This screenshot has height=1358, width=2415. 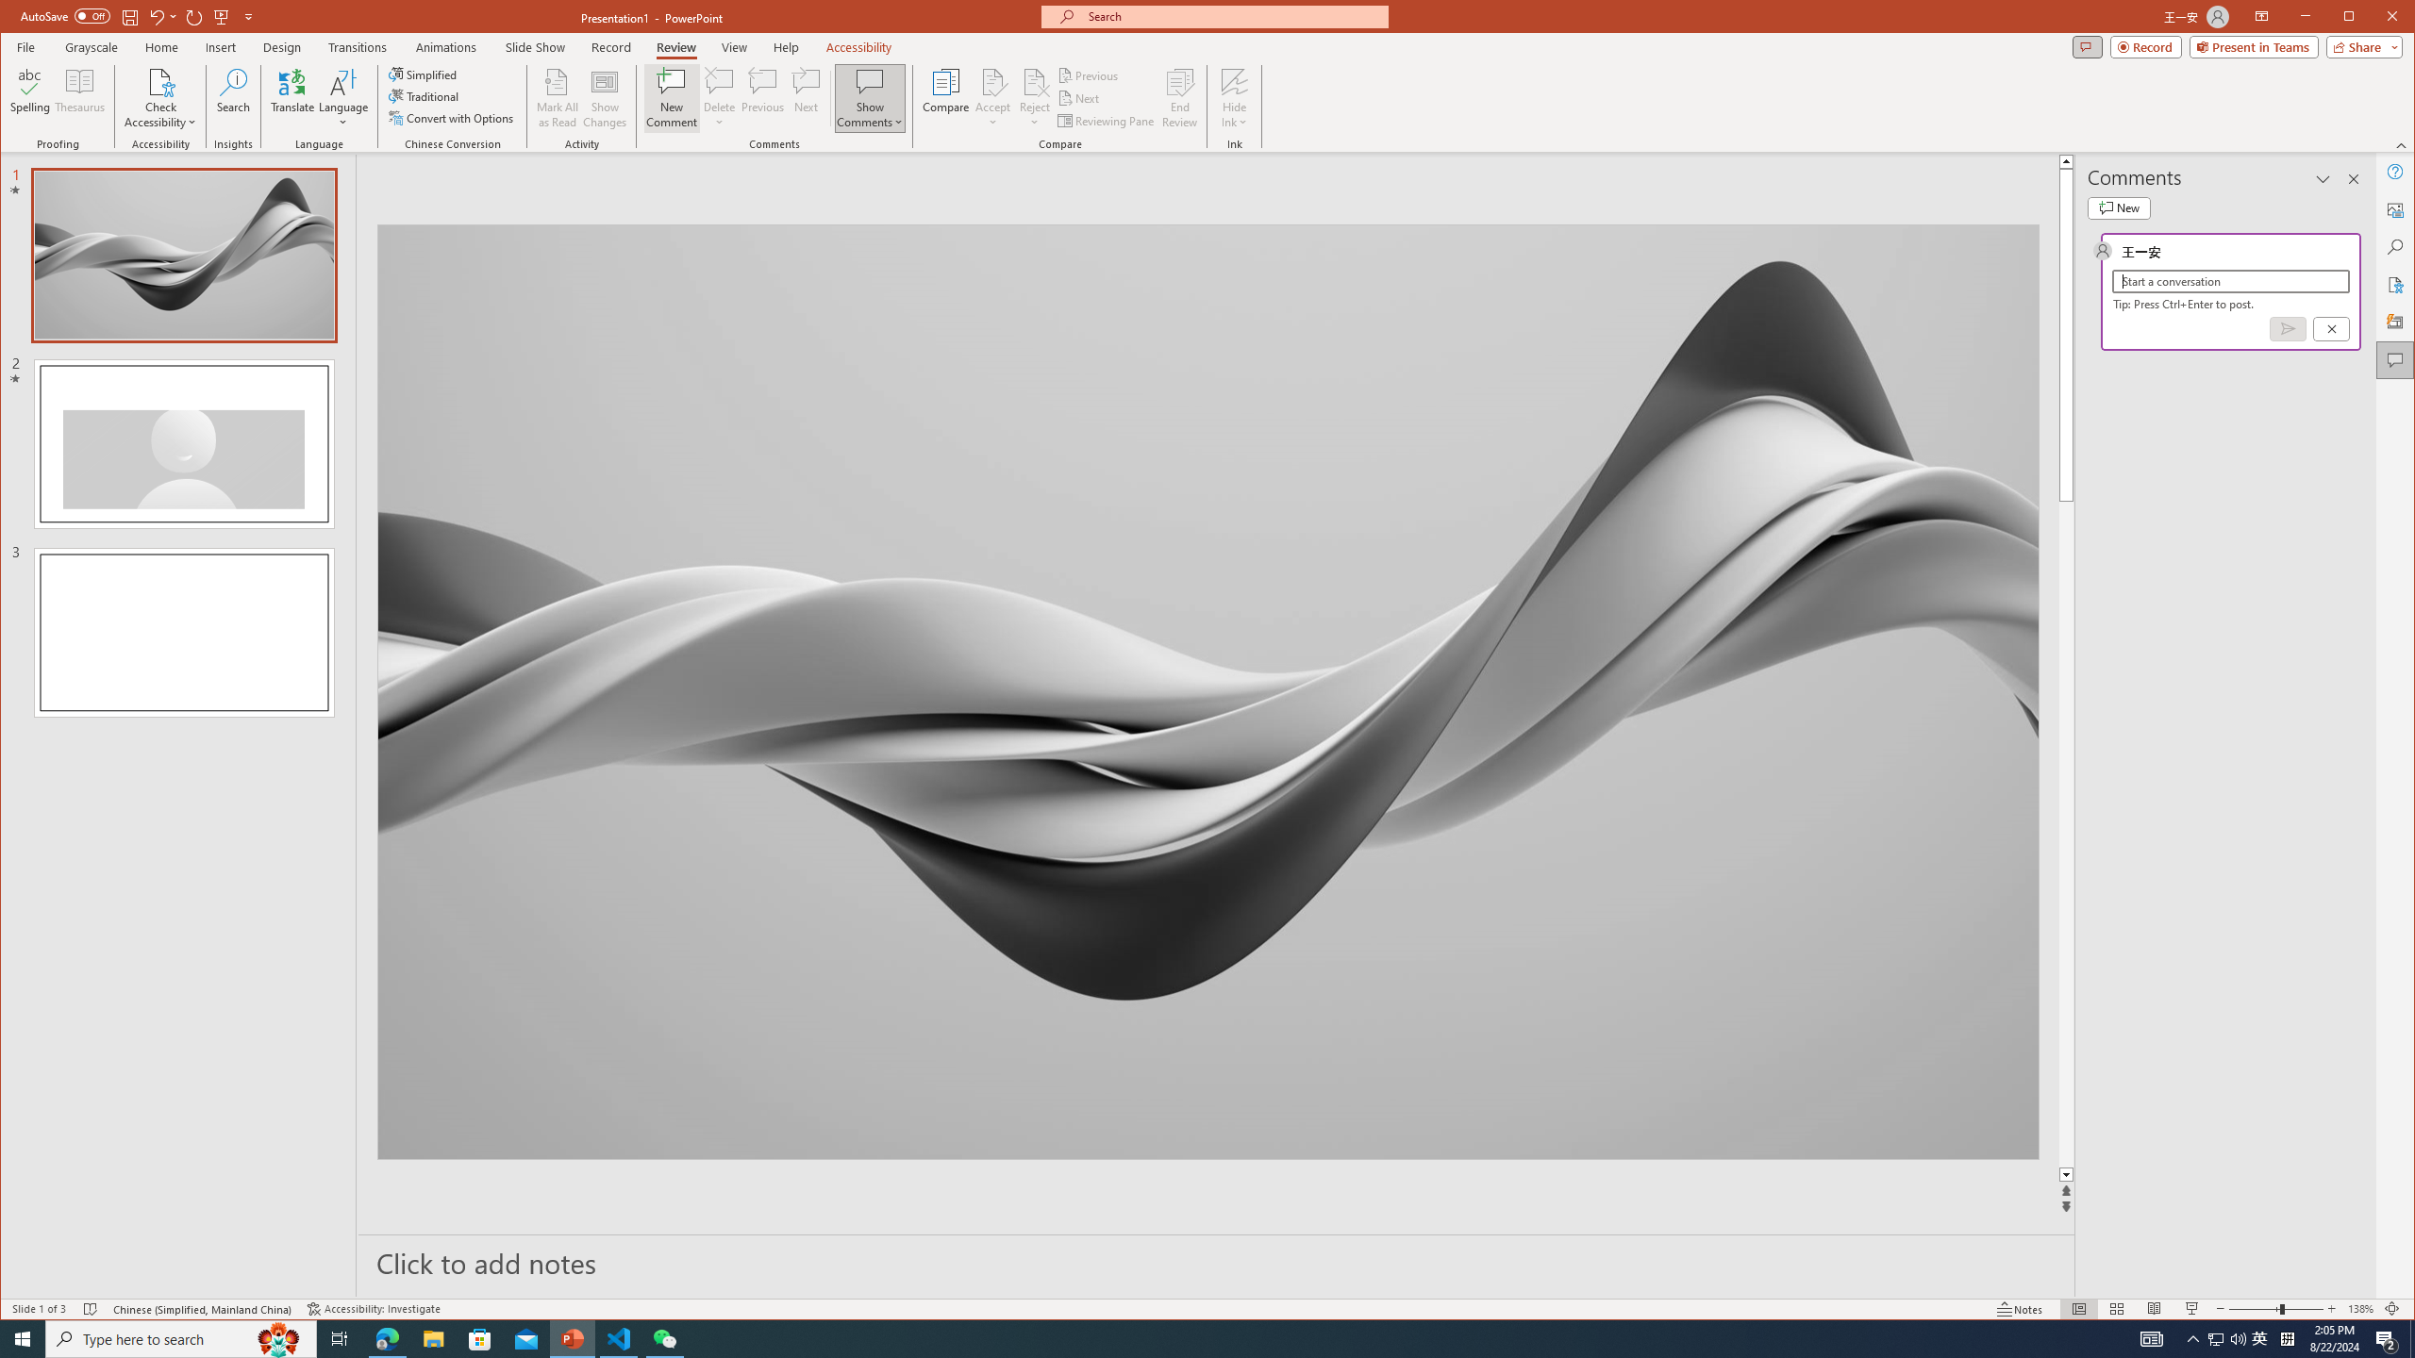 I want to click on 'Translate', so click(x=291, y=97).